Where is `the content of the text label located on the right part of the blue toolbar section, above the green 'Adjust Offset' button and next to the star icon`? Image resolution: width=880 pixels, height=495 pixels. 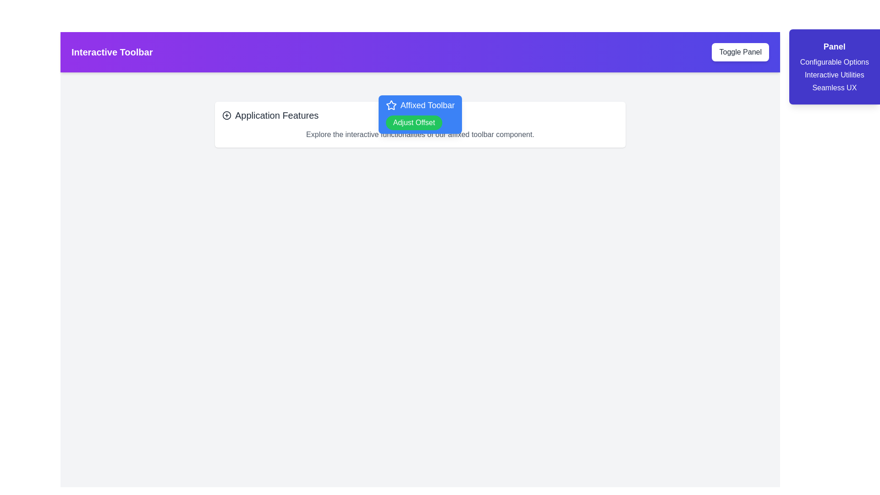 the content of the text label located on the right part of the blue toolbar section, above the green 'Adjust Offset' button and next to the star icon is located at coordinates (419, 105).